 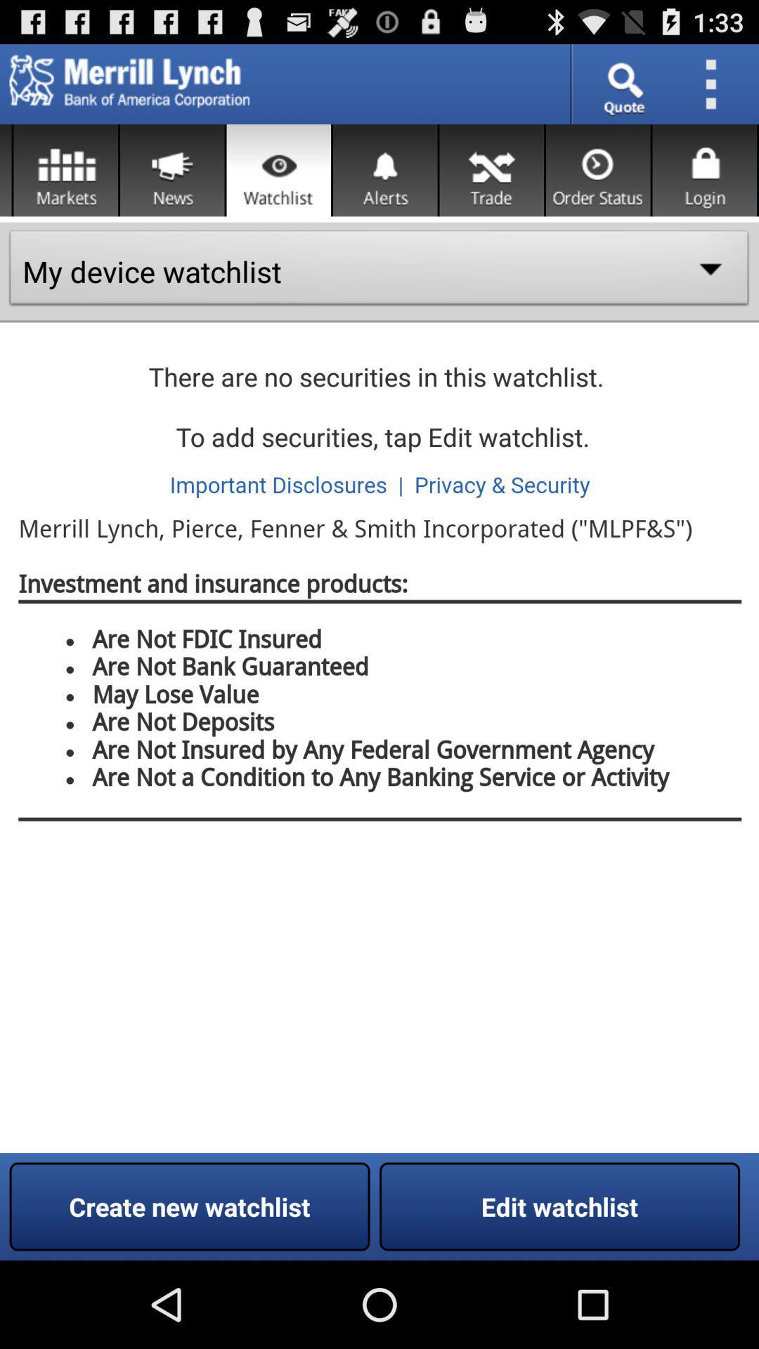 What do you see at coordinates (598, 181) in the screenshot?
I see `the time icon` at bounding box center [598, 181].